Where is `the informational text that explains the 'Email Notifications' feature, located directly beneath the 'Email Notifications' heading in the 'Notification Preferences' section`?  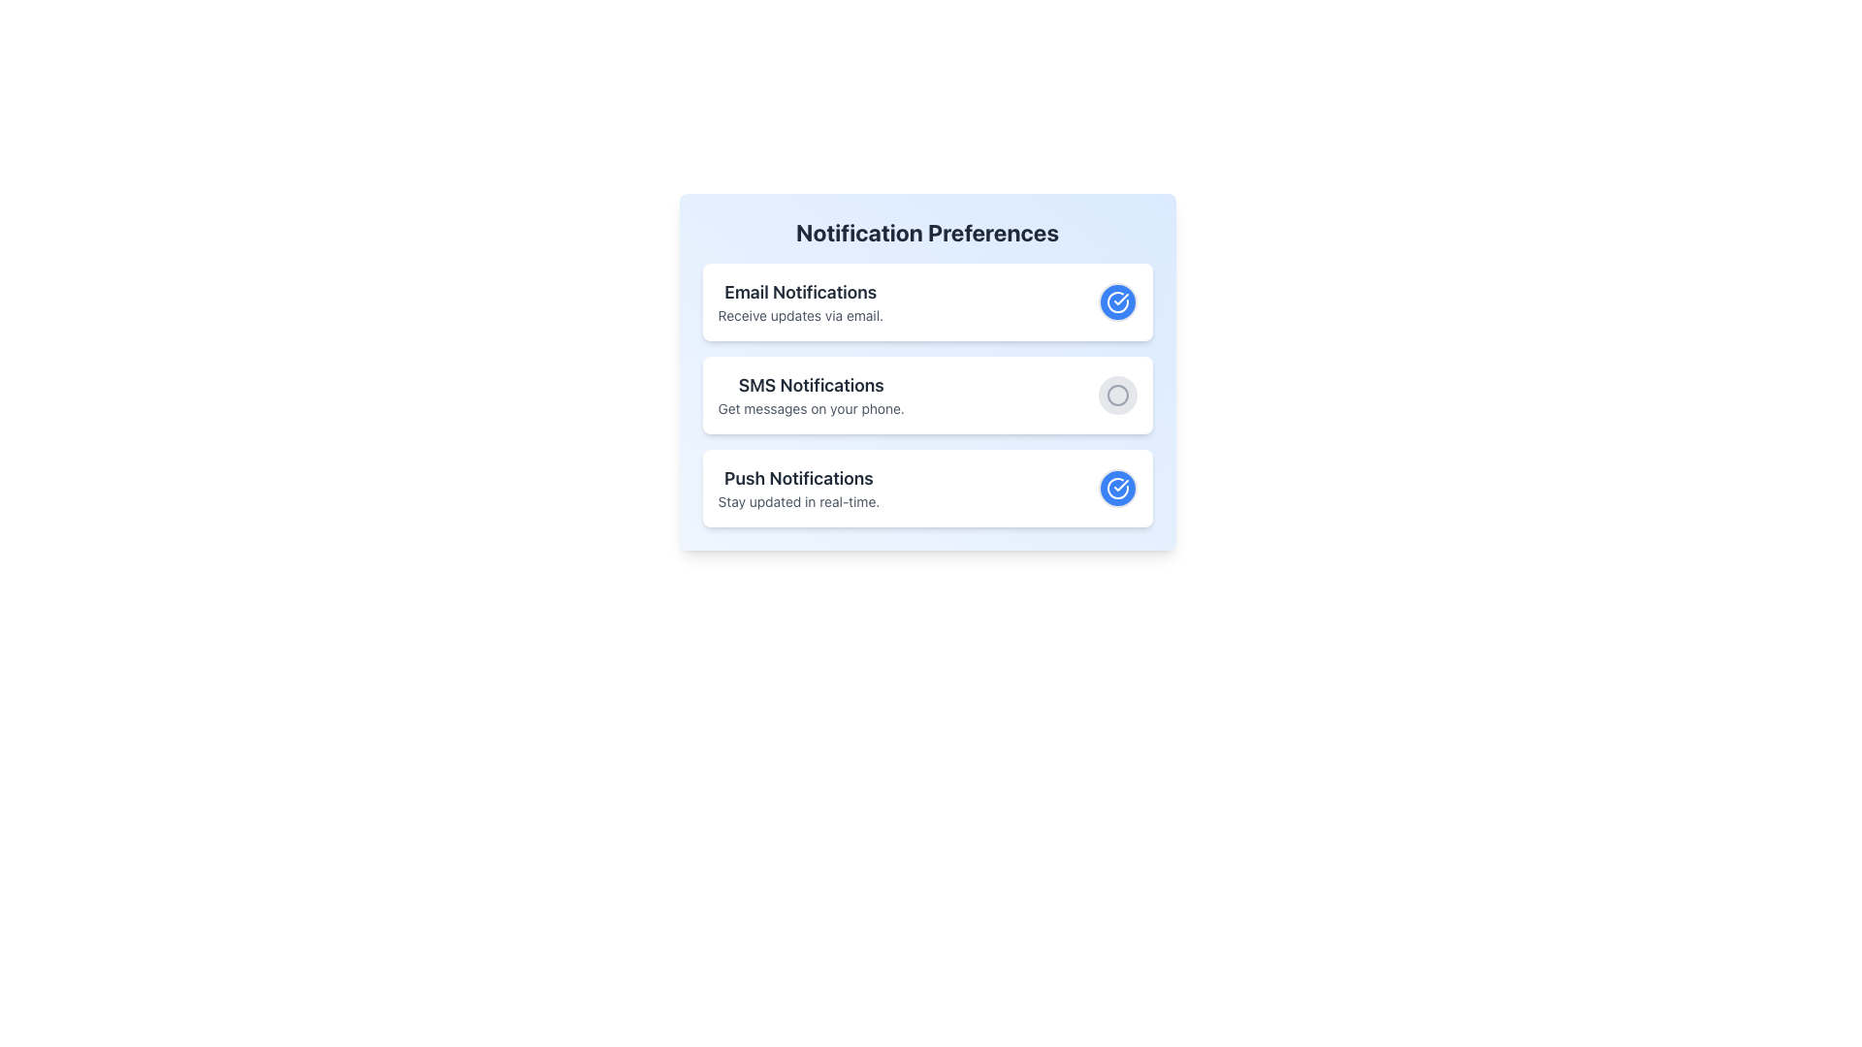 the informational text that explains the 'Email Notifications' feature, located directly beneath the 'Email Notifications' heading in the 'Notification Preferences' section is located at coordinates (800, 315).